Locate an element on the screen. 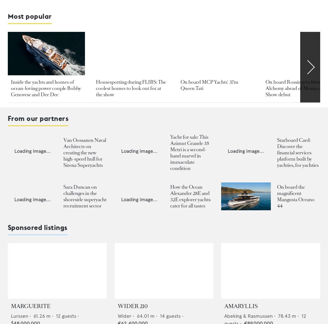 This screenshot has width=328, height=324. 'On board MCP Yachts' 37m Queen Tati' is located at coordinates (209, 84).